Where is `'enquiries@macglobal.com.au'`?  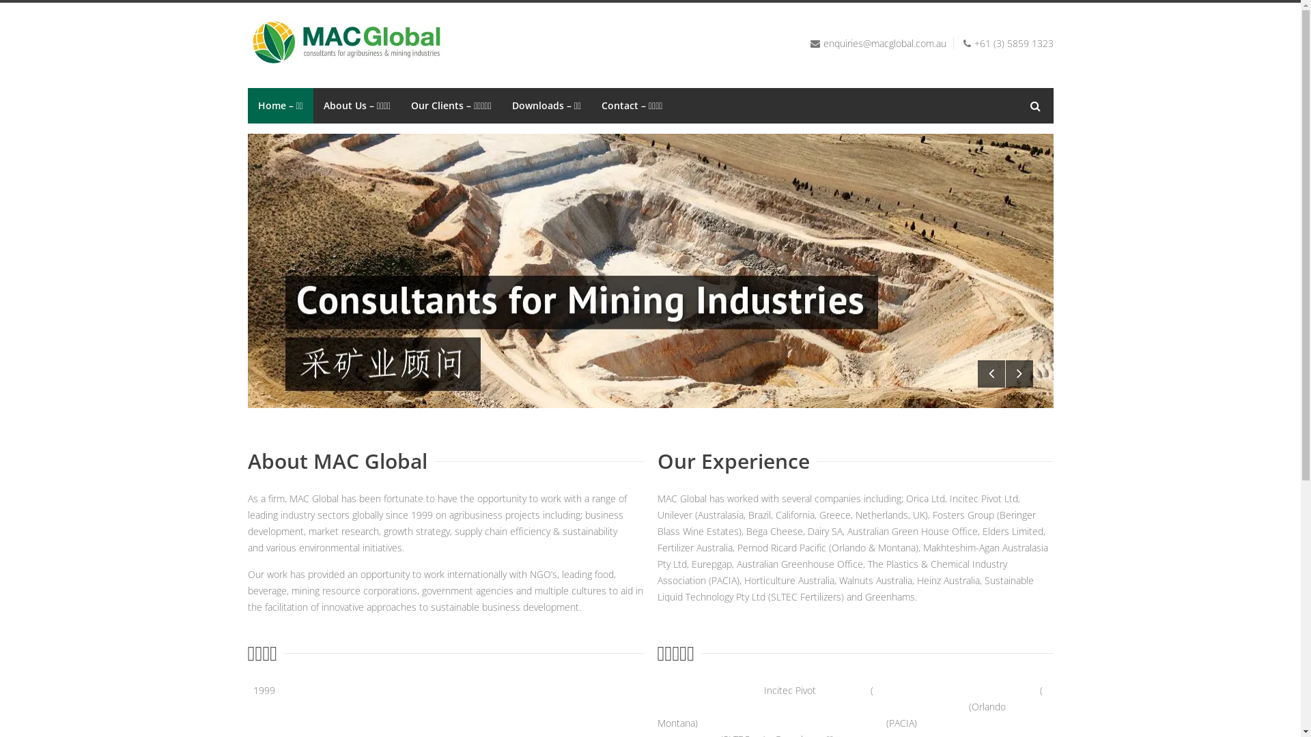 'enquiries@macglobal.com.au' is located at coordinates (885, 42).